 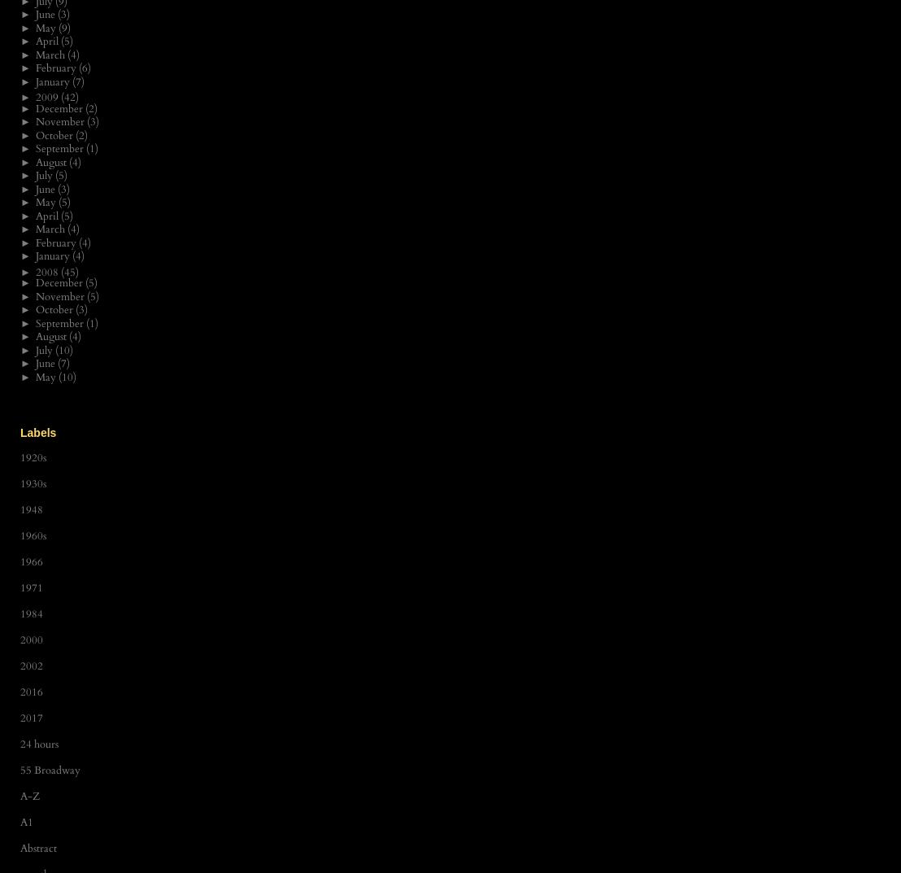 I want to click on '2009', so click(x=46, y=97).